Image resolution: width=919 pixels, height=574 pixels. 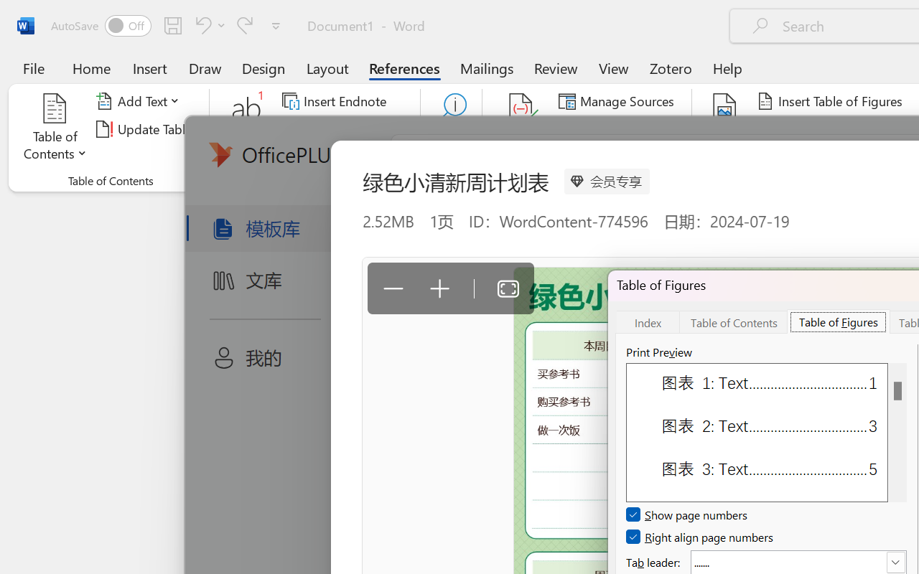 What do you see at coordinates (832, 101) in the screenshot?
I see `'Insert Table of Figures...'` at bounding box center [832, 101].